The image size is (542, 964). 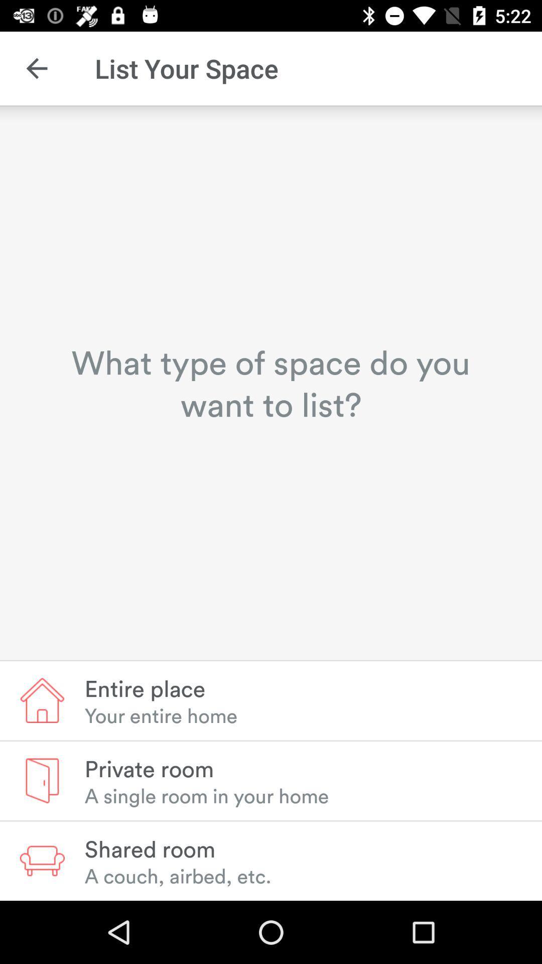 I want to click on the icon next to list your space icon, so click(x=36, y=68).